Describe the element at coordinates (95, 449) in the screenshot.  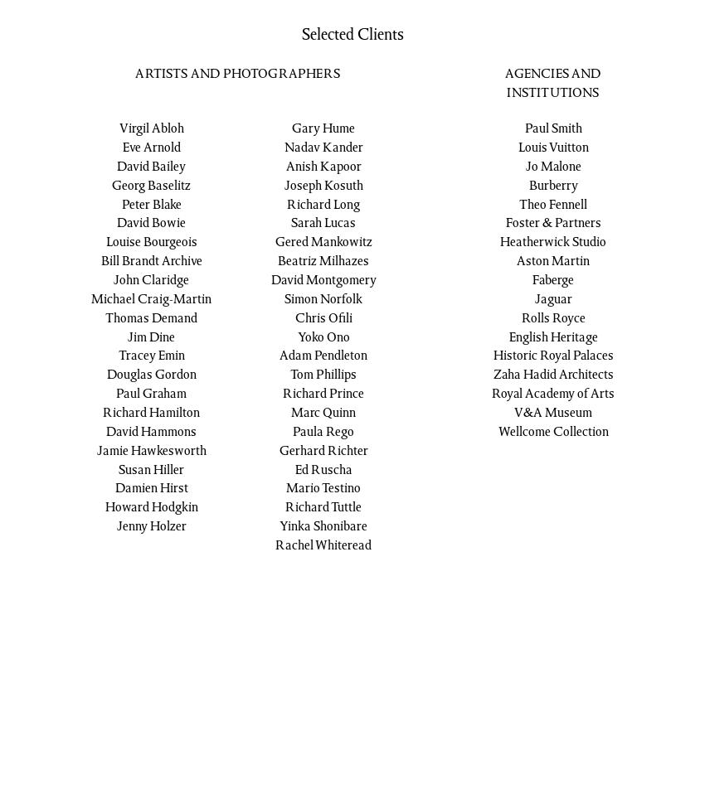
I see `'Jamie Hawkesworth'` at that location.